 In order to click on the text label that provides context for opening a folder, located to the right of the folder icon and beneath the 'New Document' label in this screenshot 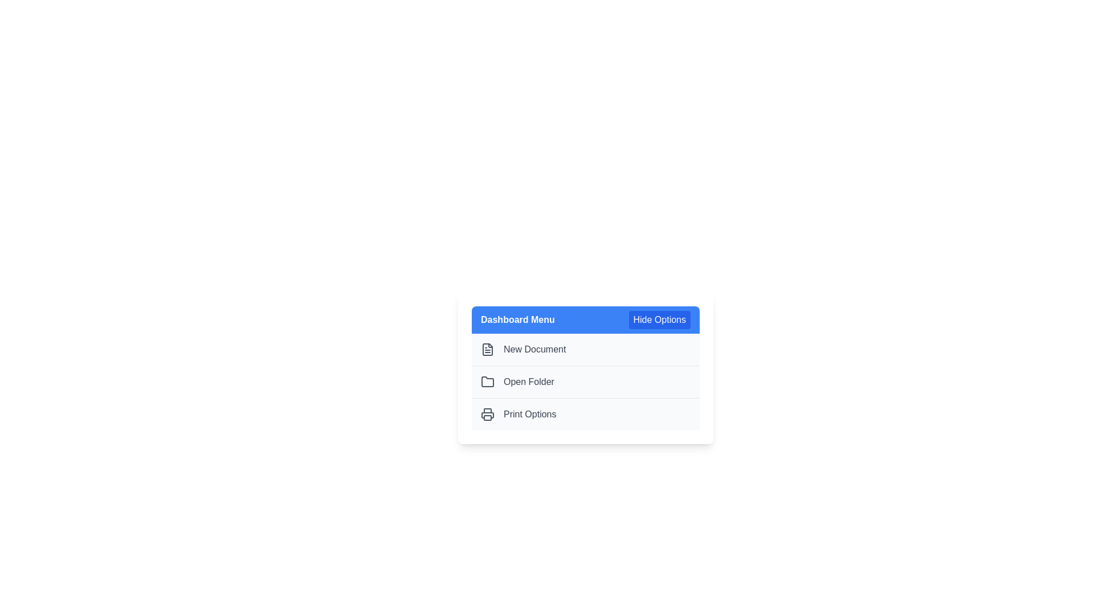, I will do `click(528, 382)`.